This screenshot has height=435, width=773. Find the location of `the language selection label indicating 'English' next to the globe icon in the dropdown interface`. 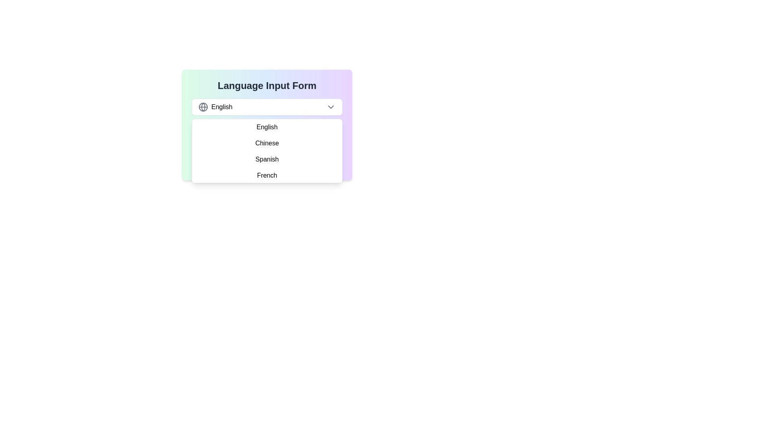

the language selection label indicating 'English' next to the globe icon in the dropdown interface is located at coordinates (215, 107).